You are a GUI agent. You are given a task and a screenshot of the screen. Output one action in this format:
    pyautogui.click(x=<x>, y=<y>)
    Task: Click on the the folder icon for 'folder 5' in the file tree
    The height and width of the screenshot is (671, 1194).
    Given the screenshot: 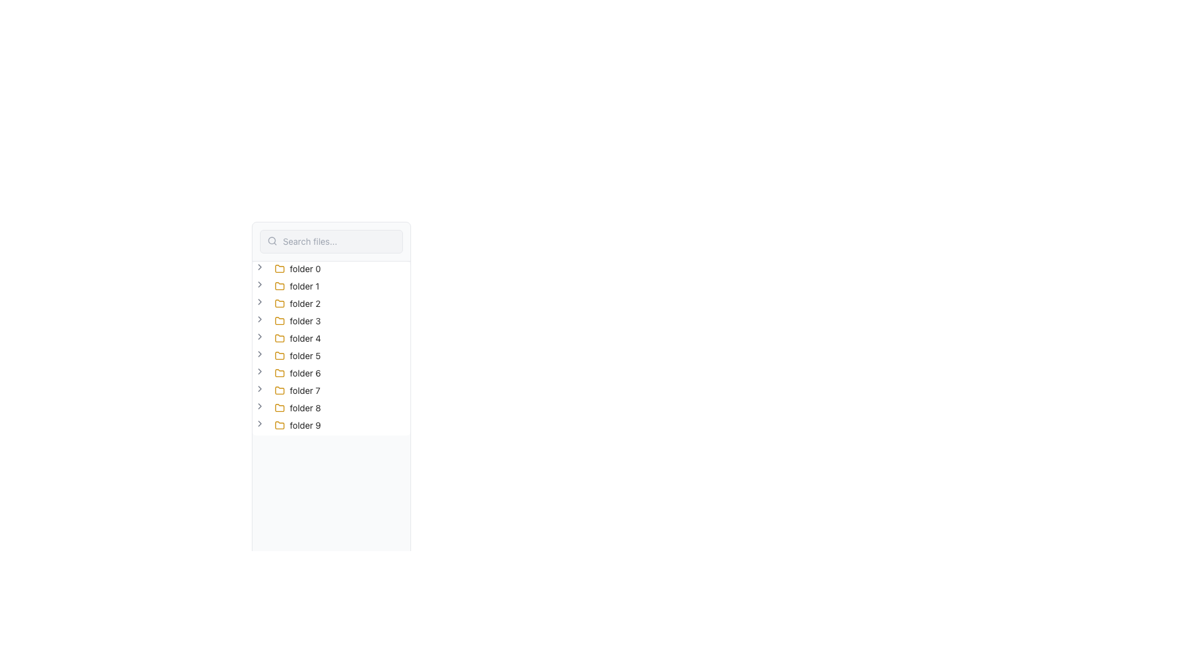 What is the action you would take?
    pyautogui.click(x=297, y=356)
    